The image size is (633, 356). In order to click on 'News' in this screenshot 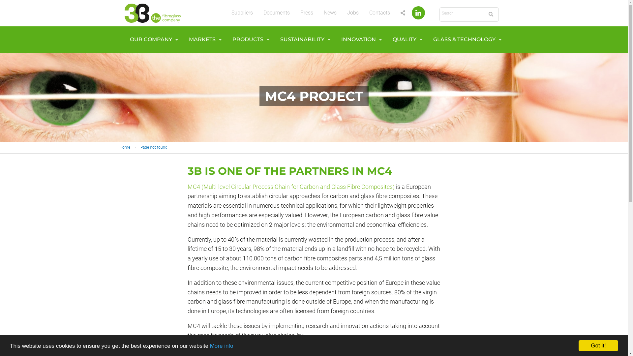, I will do `click(330, 13)`.